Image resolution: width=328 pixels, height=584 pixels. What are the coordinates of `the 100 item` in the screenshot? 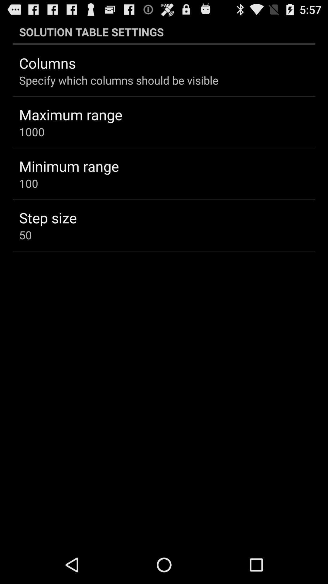 It's located at (29, 183).